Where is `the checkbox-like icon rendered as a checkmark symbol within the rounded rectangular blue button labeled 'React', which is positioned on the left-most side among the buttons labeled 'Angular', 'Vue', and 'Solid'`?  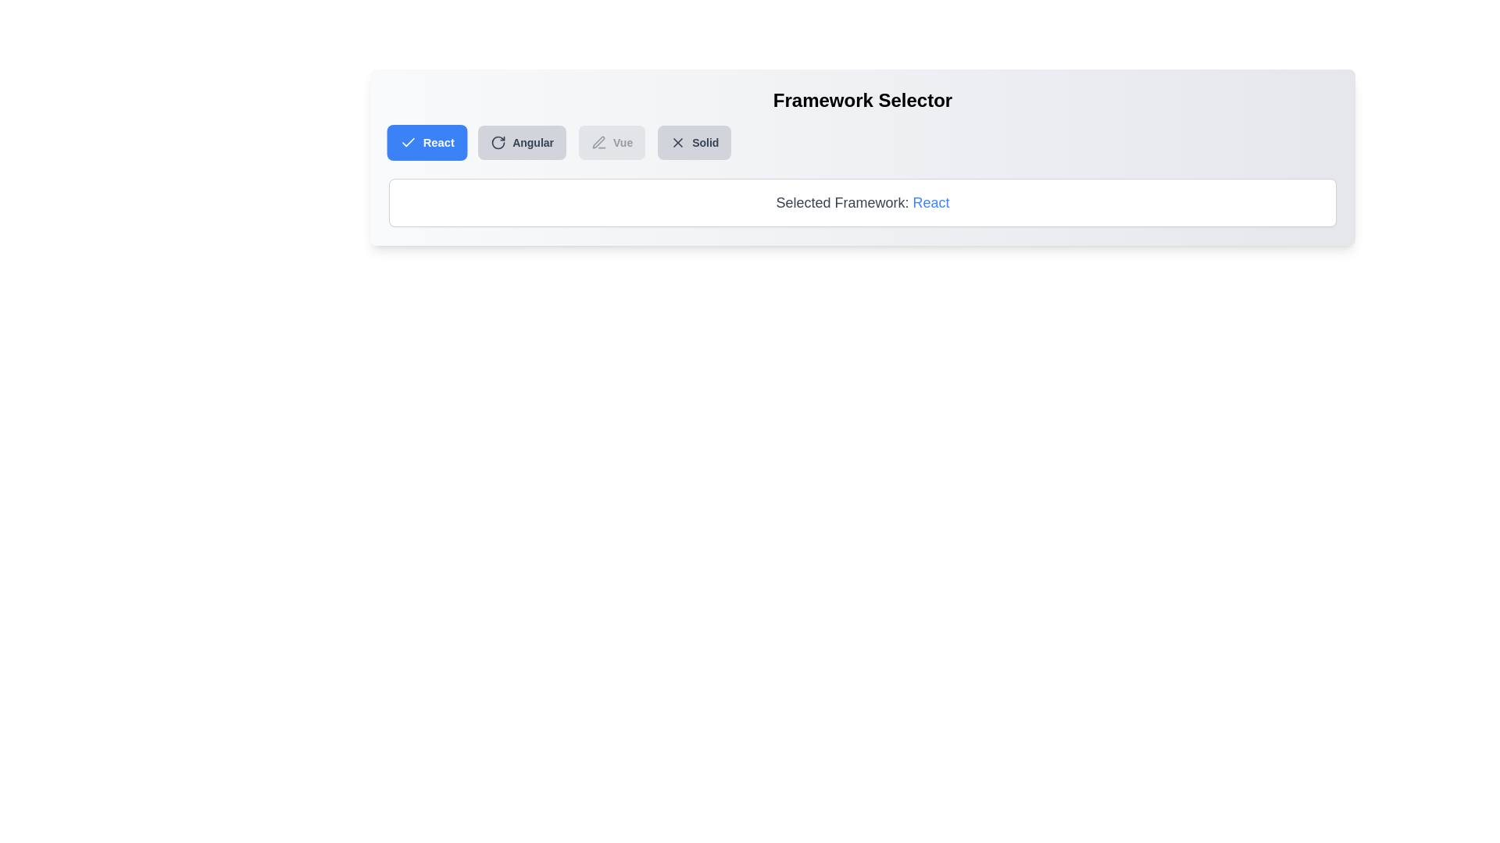 the checkbox-like icon rendered as a checkmark symbol within the rounded rectangular blue button labeled 'React', which is positioned on the left-most side among the buttons labeled 'Angular', 'Vue', and 'Solid' is located at coordinates (408, 142).